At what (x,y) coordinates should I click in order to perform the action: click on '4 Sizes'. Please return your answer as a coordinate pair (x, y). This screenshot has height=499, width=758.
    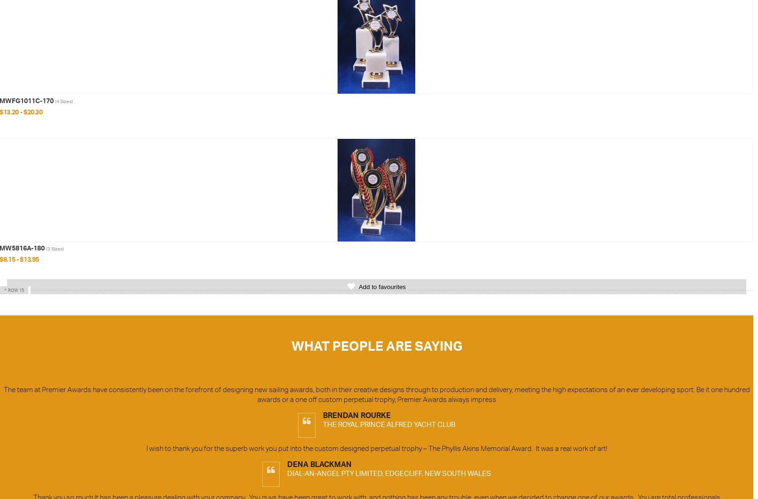
    Looking at the image, I should click on (64, 100).